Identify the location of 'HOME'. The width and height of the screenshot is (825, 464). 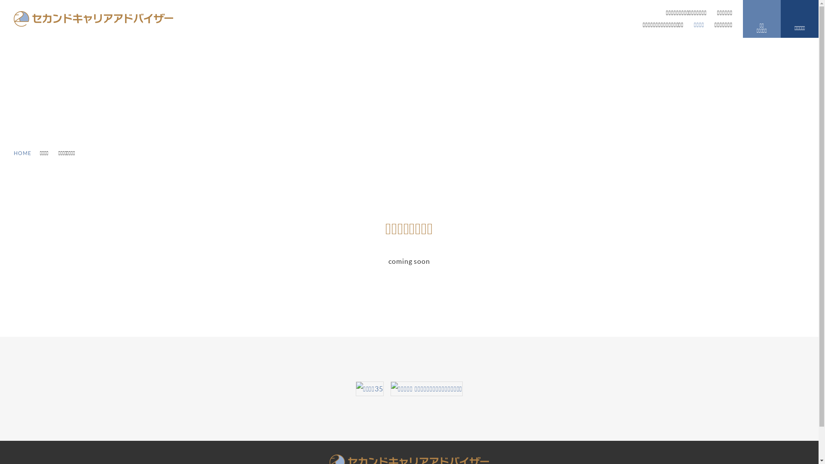
(22, 153).